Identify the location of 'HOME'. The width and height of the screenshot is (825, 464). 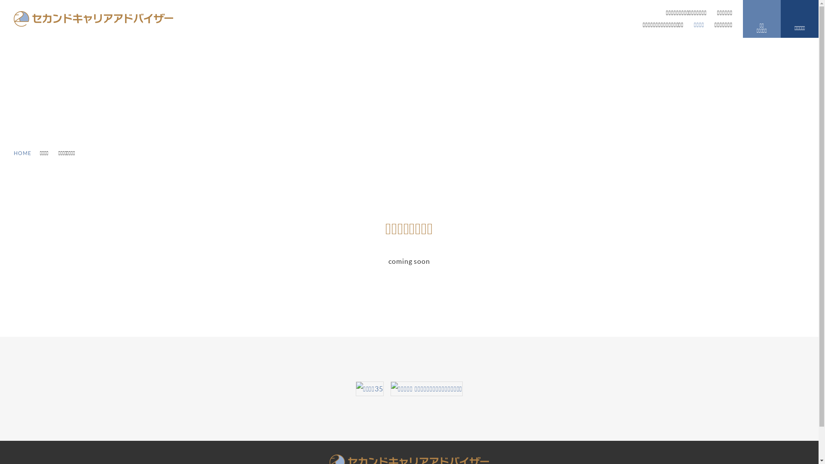
(22, 153).